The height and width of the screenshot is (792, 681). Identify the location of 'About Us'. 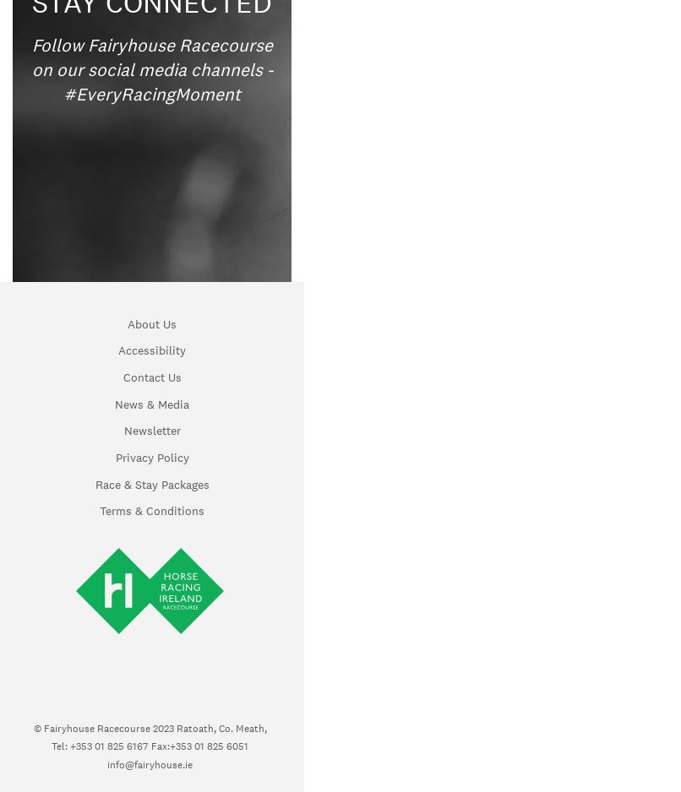
(151, 322).